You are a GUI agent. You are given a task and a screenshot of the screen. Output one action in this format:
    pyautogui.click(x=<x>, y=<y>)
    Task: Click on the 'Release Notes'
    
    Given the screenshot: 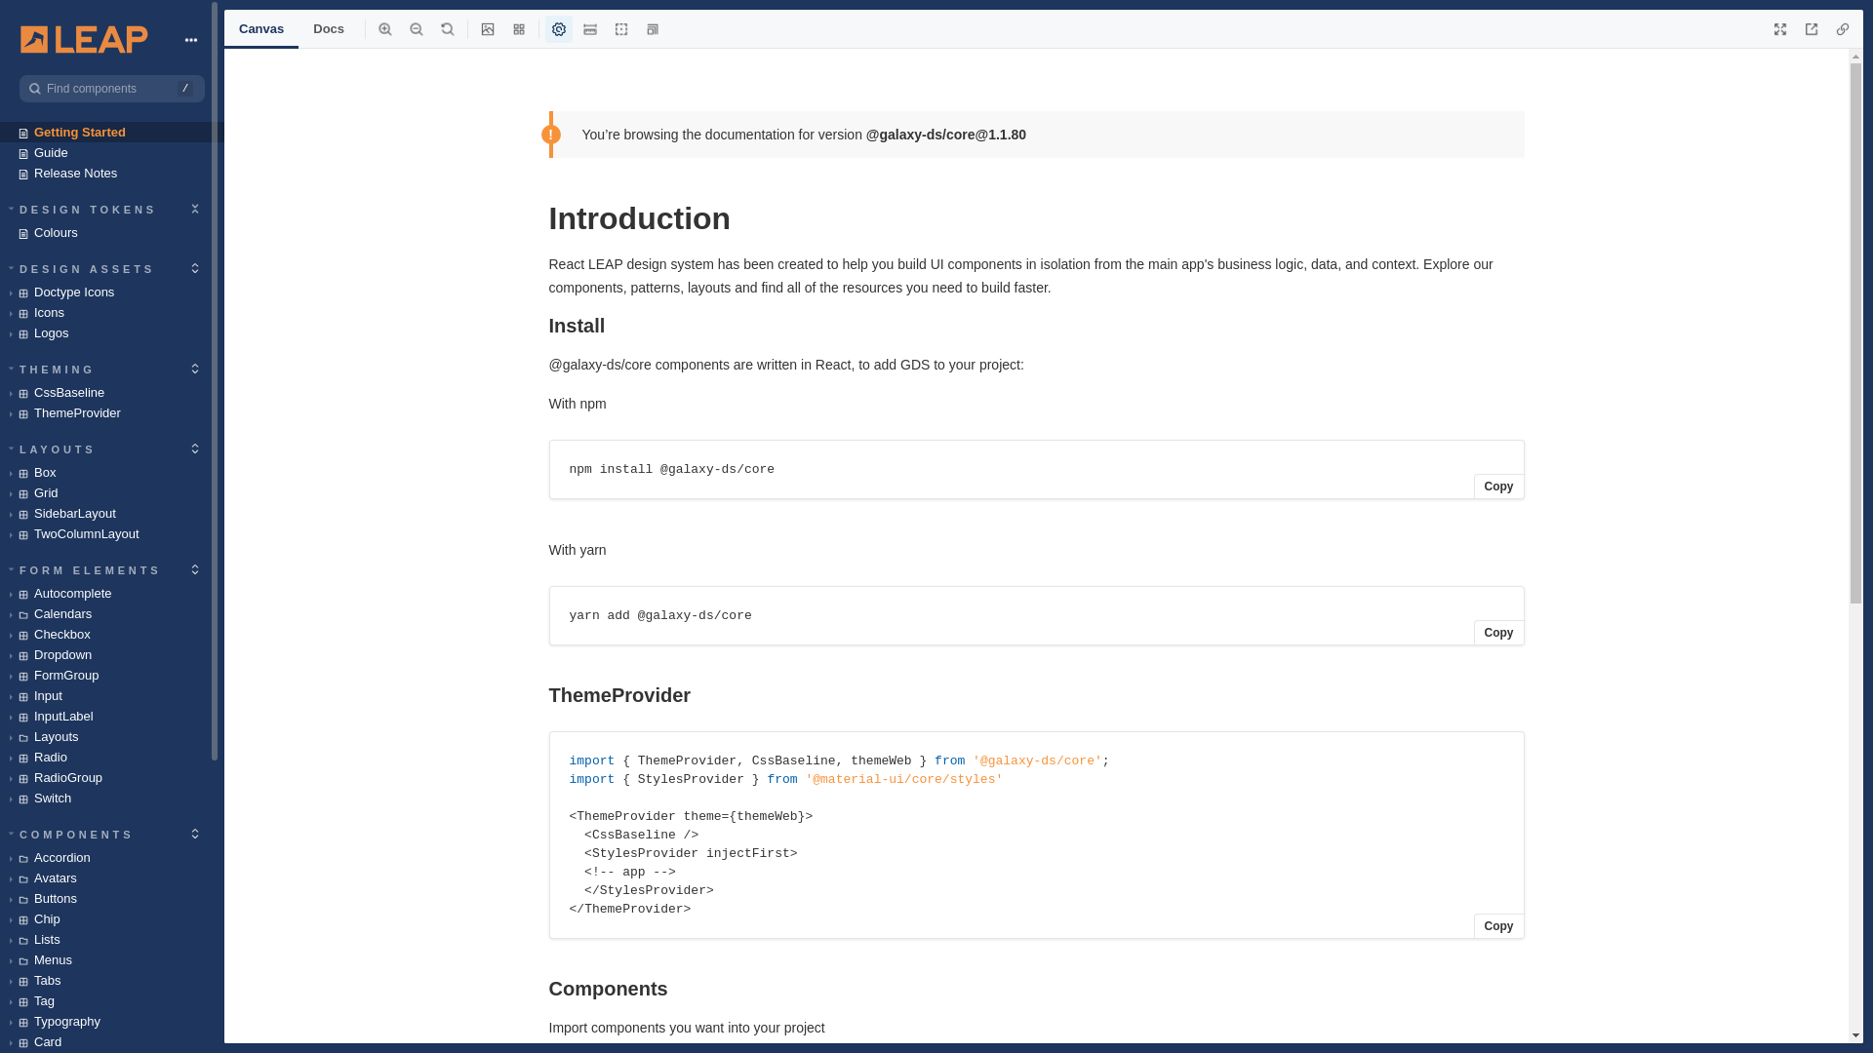 What is the action you would take?
    pyautogui.click(x=111, y=172)
    